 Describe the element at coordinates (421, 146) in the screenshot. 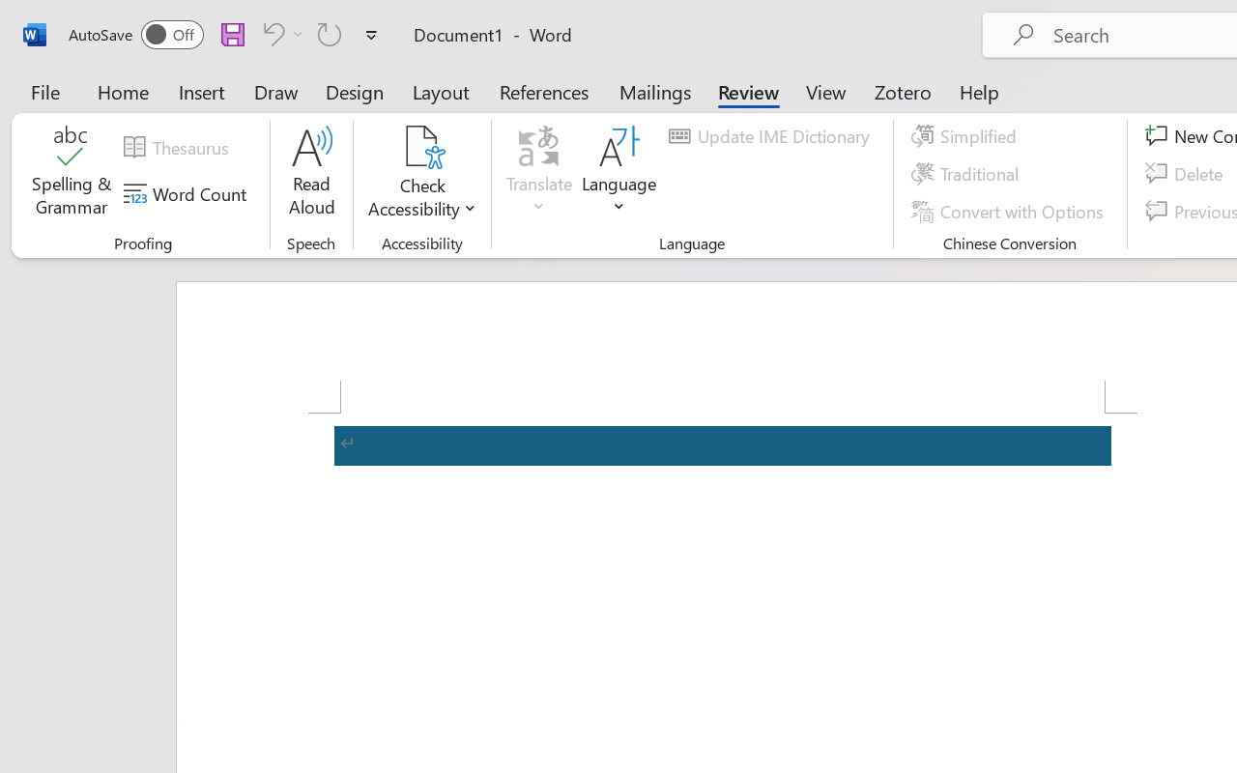

I see `'Check Accessibility'` at that location.